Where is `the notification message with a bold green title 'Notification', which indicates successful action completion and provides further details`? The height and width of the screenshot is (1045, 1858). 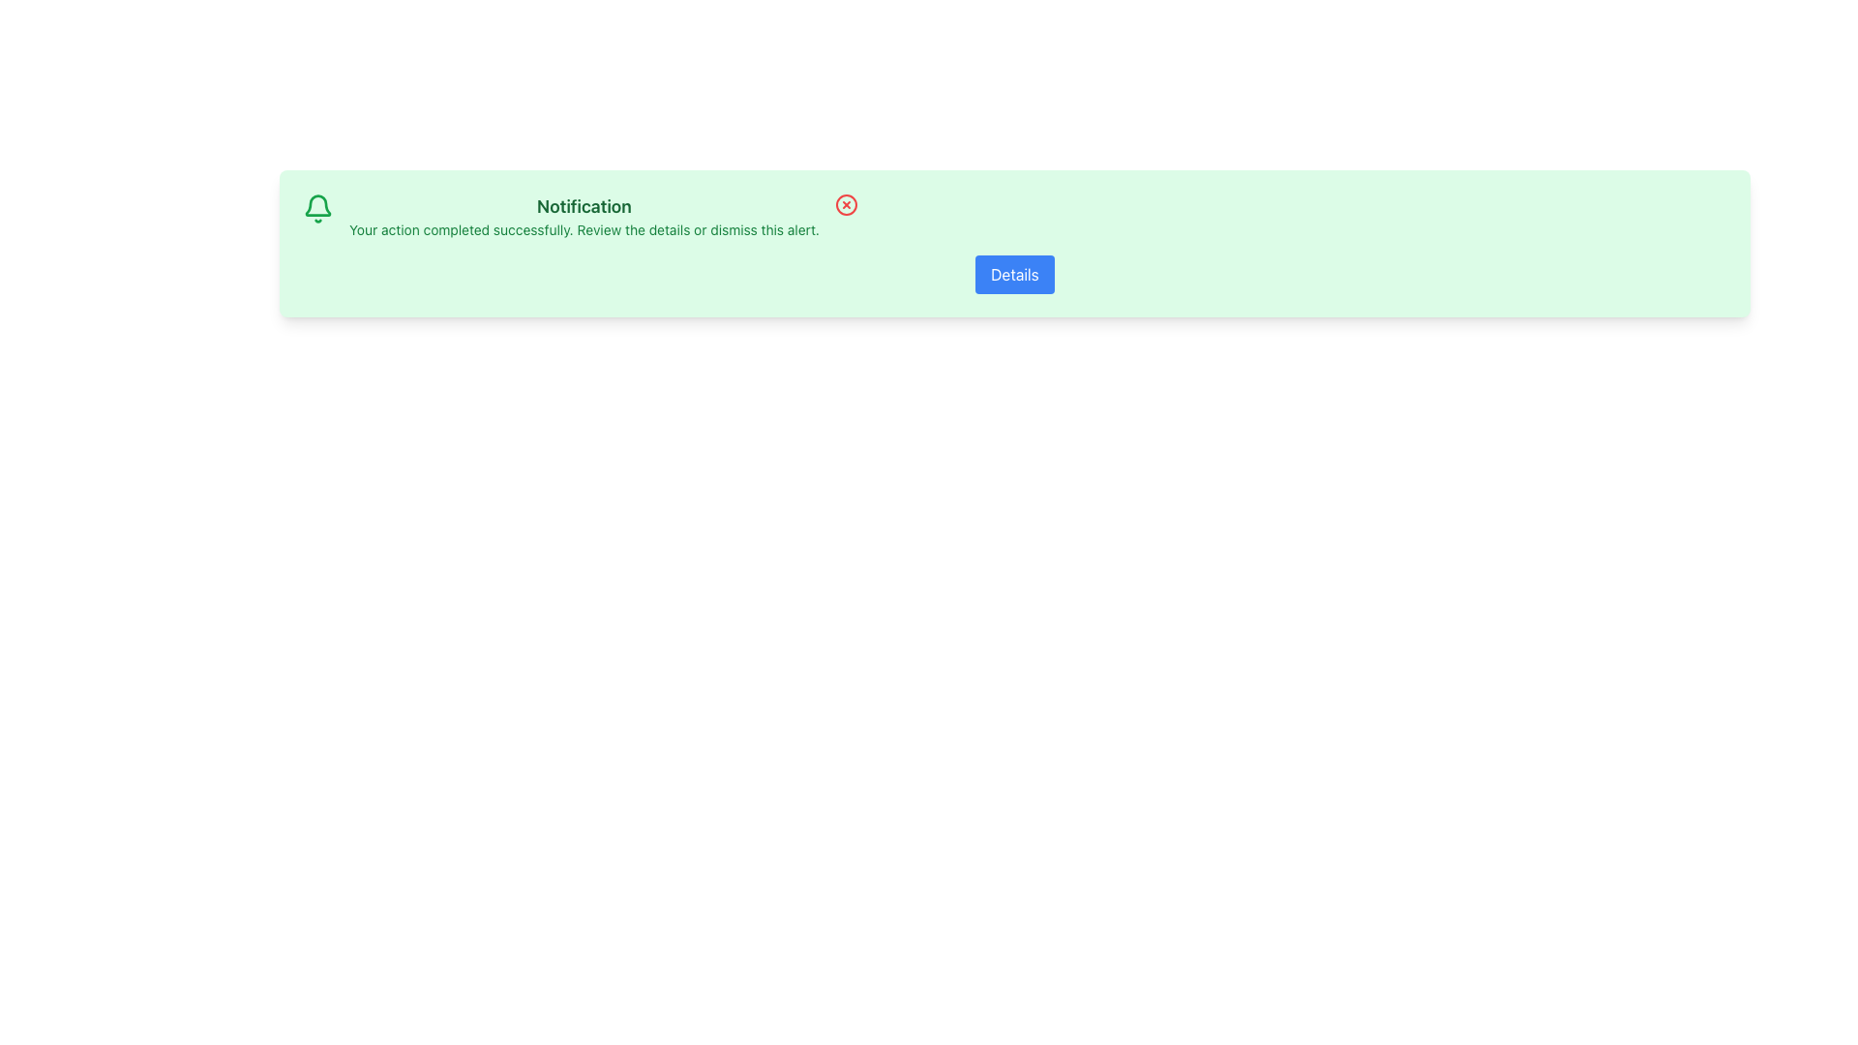 the notification message with a bold green title 'Notification', which indicates successful action completion and provides further details is located at coordinates (584, 216).